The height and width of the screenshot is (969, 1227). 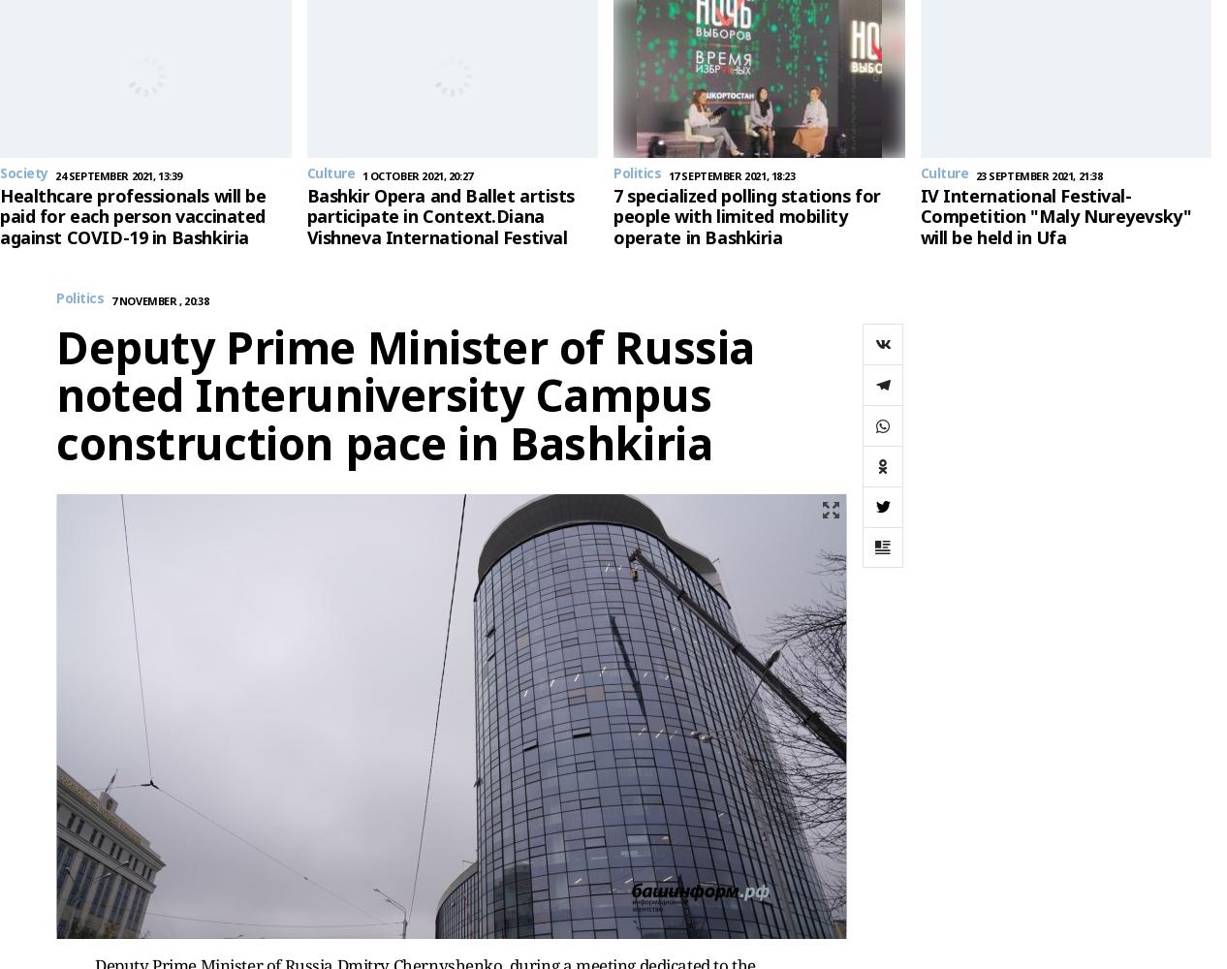 I want to click on '7 November , 20:38', so click(x=159, y=299).